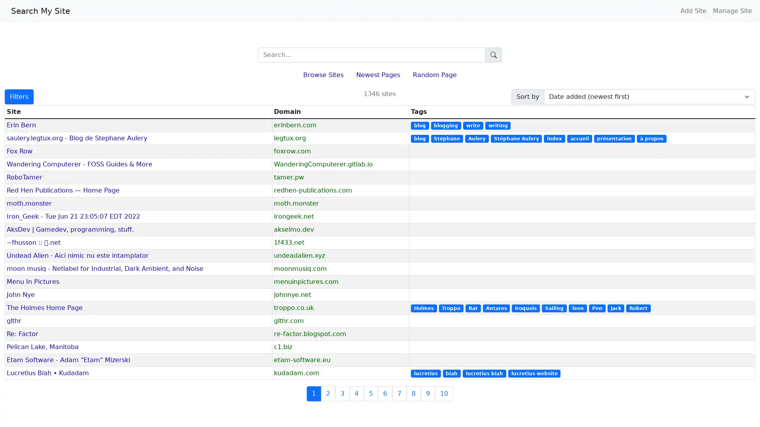  Describe the element at coordinates (356, 393) in the screenshot. I see `4` at that location.